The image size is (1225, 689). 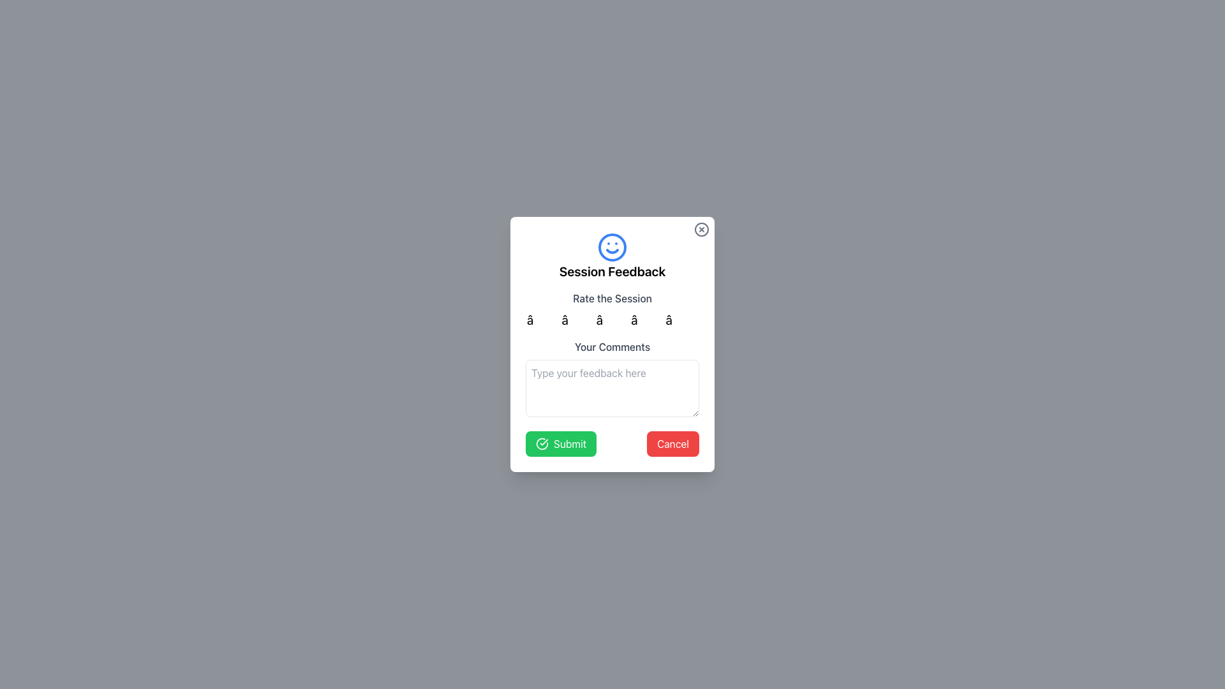 I want to click on the first Rating Star Icon, so click(x=543, y=319).